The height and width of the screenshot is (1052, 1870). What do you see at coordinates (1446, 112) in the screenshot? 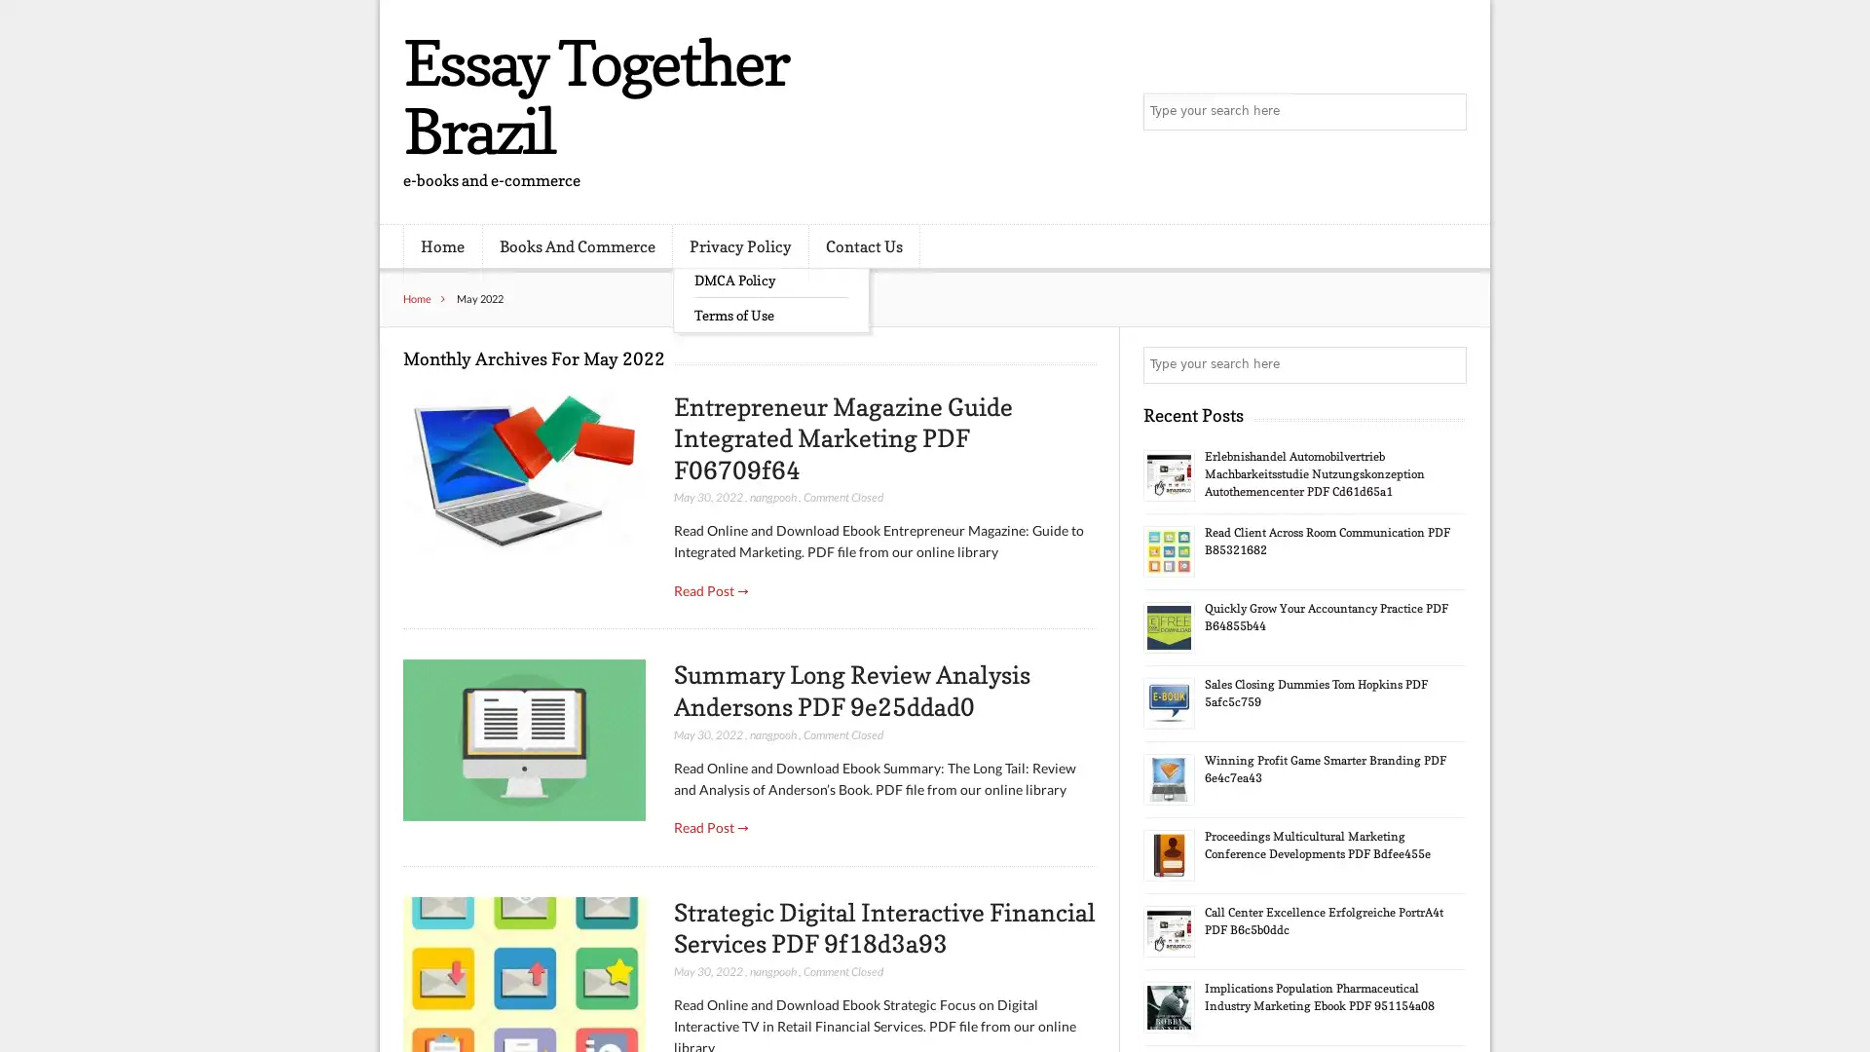
I see `Search` at bounding box center [1446, 112].